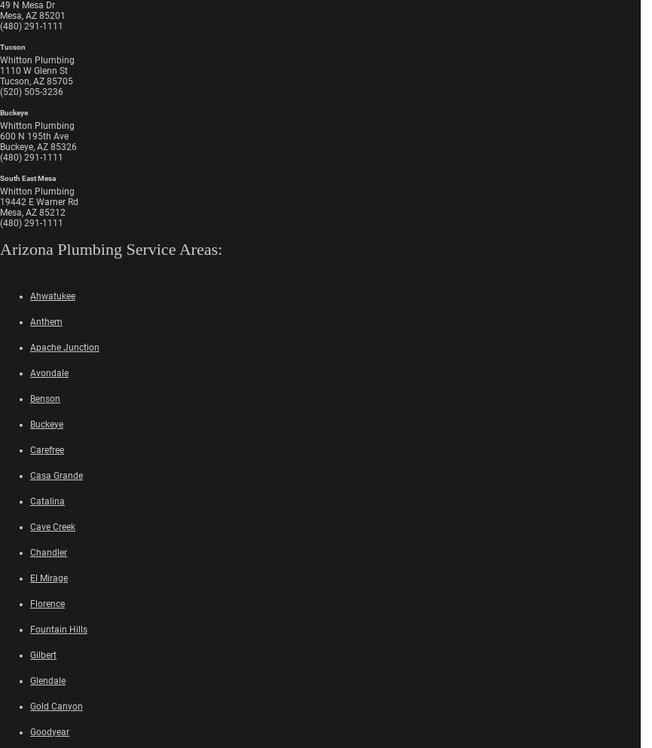 The height and width of the screenshot is (748, 652). What do you see at coordinates (29, 320) in the screenshot?
I see `'Anthem'` at bounding box center [29, 320].